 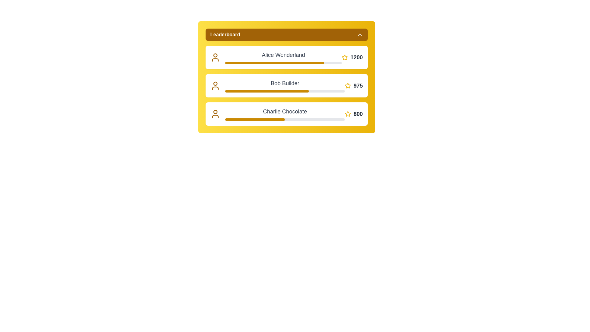 What do you see at coordinates (267, 91) in the screenshot?
I see `the yellow progress bar segment representing the progress of 'Bob Builder' on the leaderboard` at bounding box center [267, 91].